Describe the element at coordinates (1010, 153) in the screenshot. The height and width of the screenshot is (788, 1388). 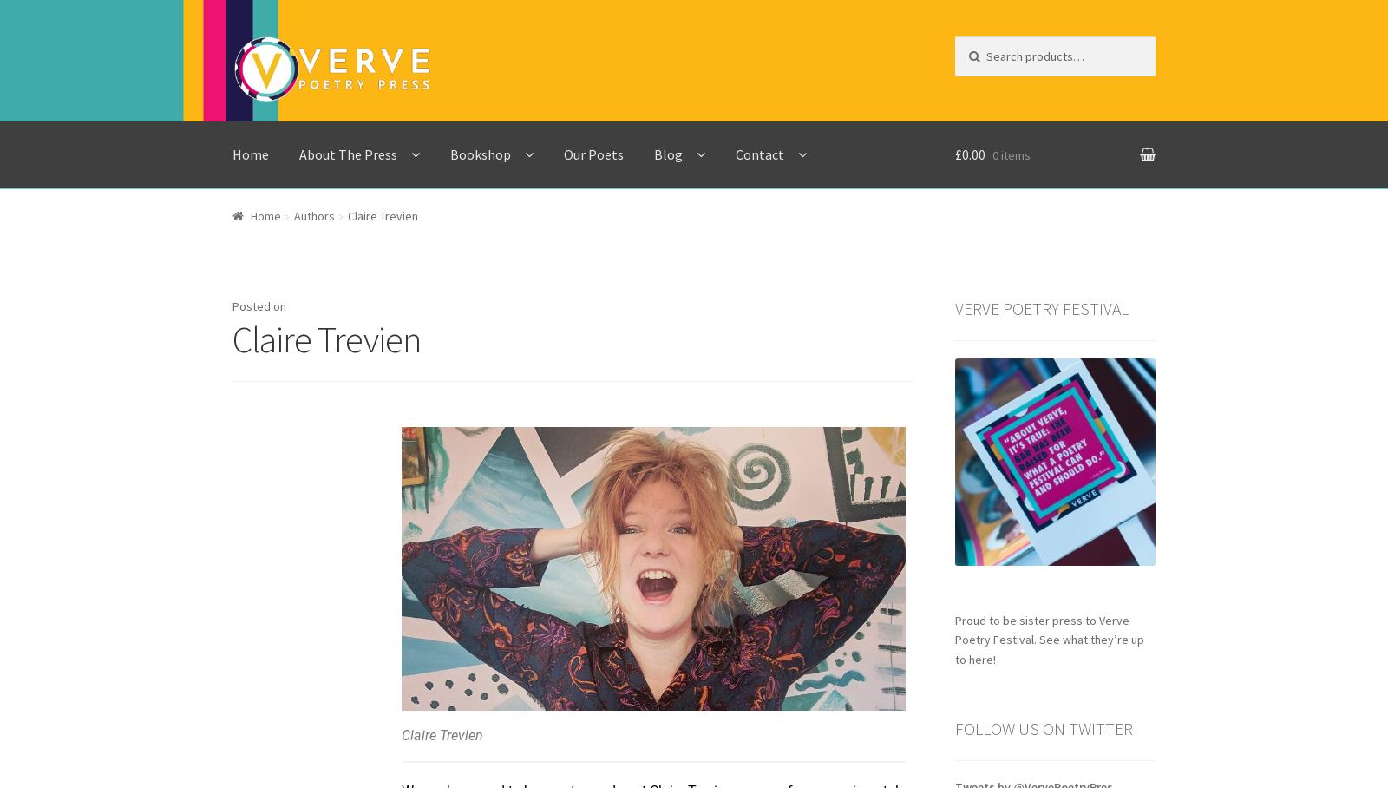
I see `'0 items'` at that location.